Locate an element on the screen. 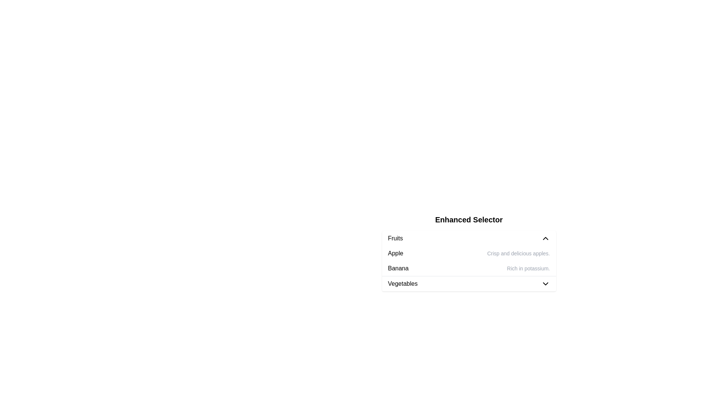 This screenshot has width=720, height=405. the text label 'Banana', which is styled with black text on a white background and located in a dropdown list is located at coordinates (398, 268).